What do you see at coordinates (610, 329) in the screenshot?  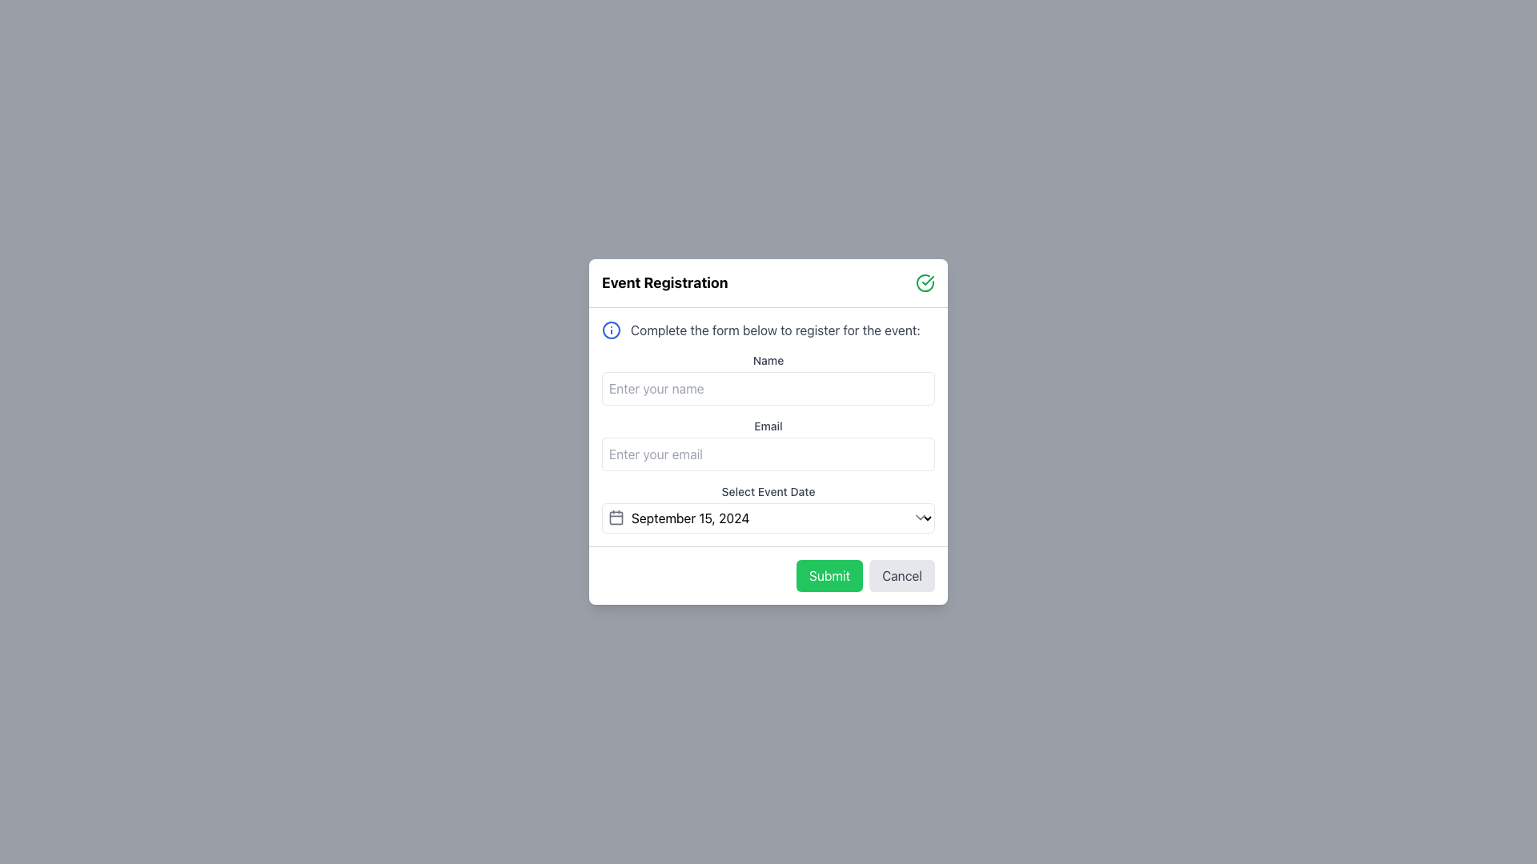 I see `the informational icon located to the left of the text 'Complete the form below to register for the event:'` at bounding box center [610, 329].